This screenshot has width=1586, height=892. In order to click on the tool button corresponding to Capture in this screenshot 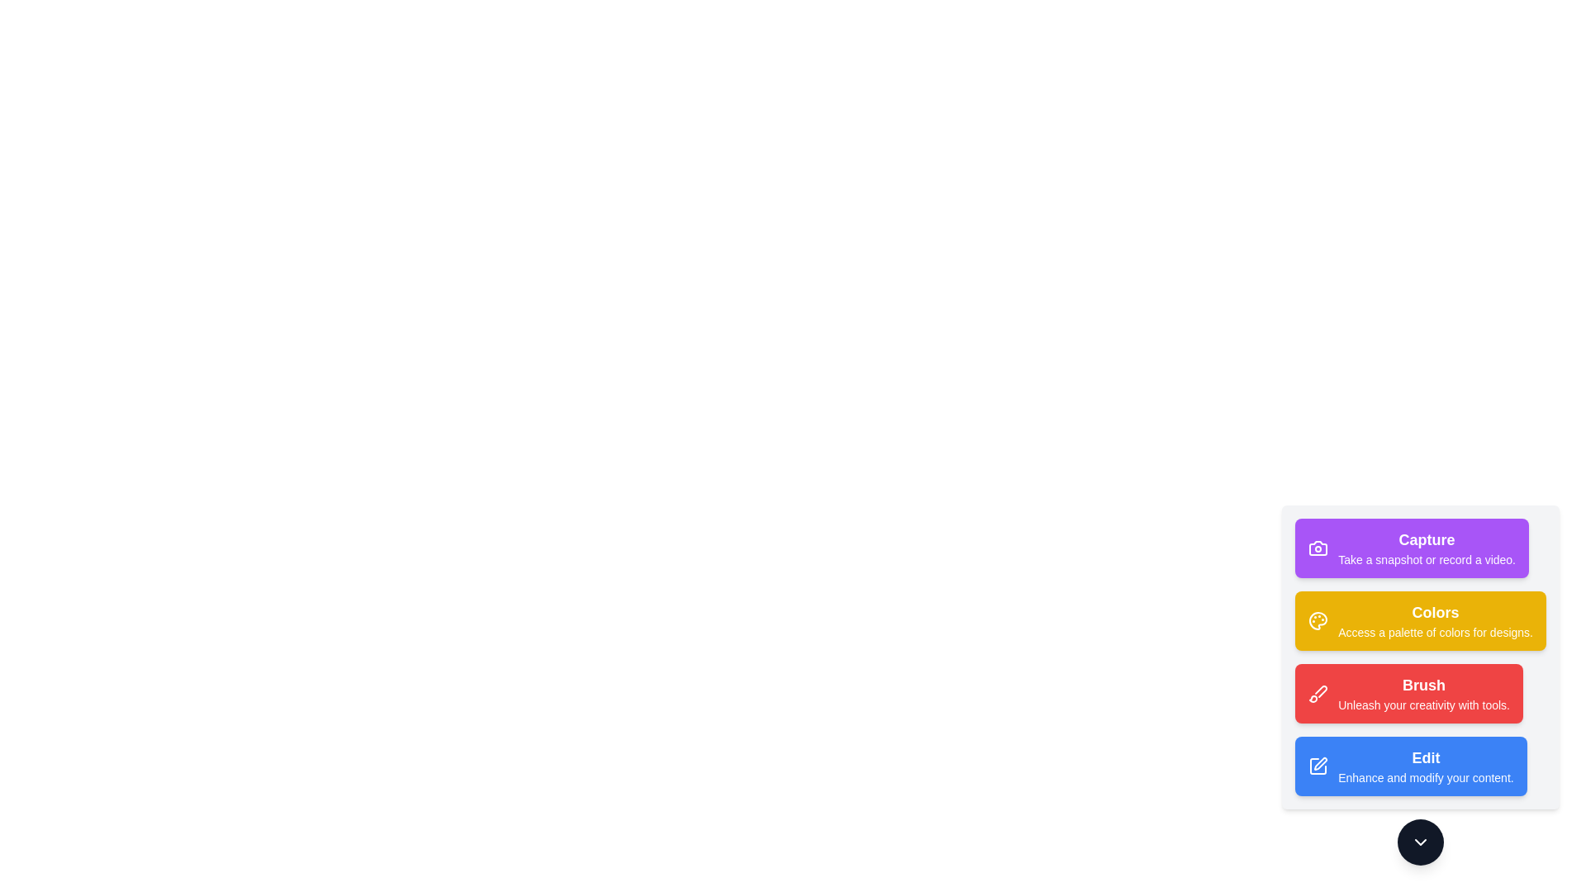, I will do `click(1411, 548)`.